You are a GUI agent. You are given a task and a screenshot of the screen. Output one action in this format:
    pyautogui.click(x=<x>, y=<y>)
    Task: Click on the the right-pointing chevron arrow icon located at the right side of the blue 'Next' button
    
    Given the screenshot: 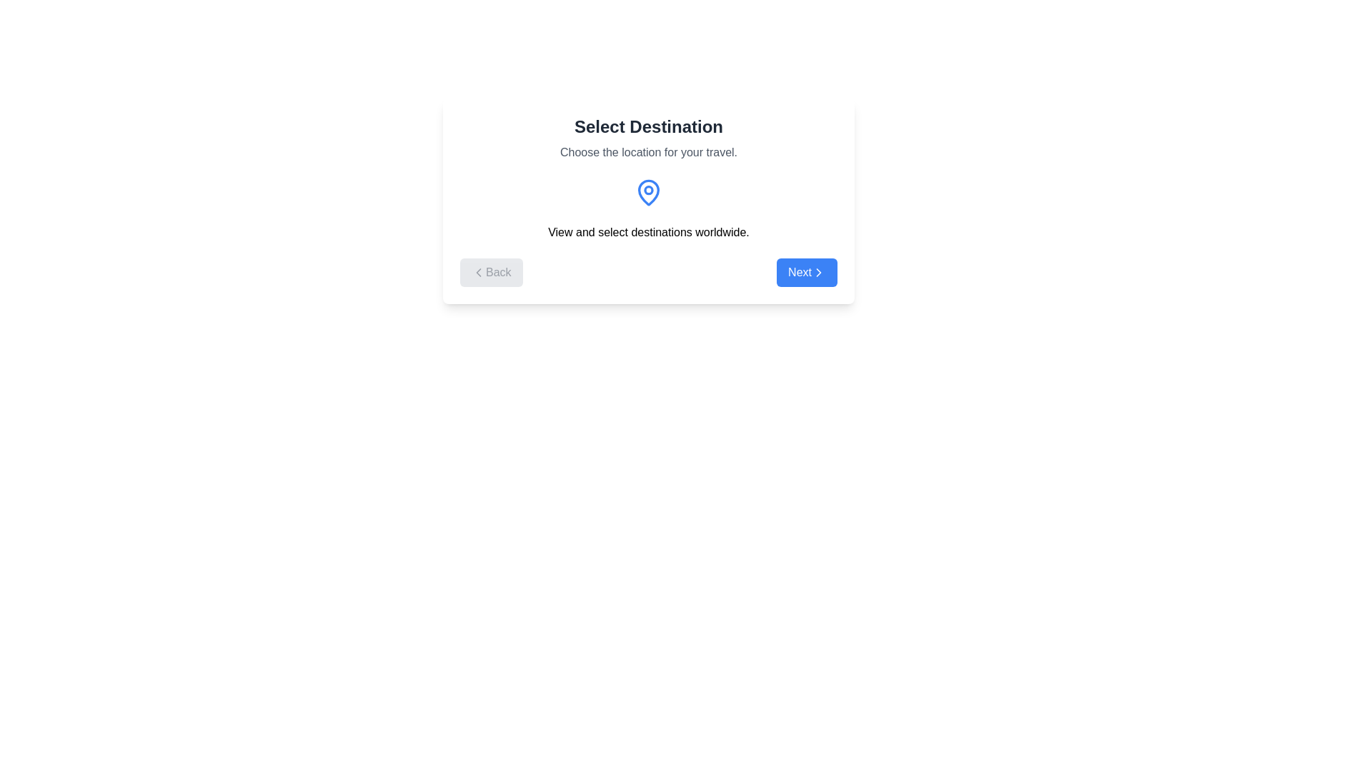 What is the action you would take?
    pyautogui.click(x=819, y=272)
    